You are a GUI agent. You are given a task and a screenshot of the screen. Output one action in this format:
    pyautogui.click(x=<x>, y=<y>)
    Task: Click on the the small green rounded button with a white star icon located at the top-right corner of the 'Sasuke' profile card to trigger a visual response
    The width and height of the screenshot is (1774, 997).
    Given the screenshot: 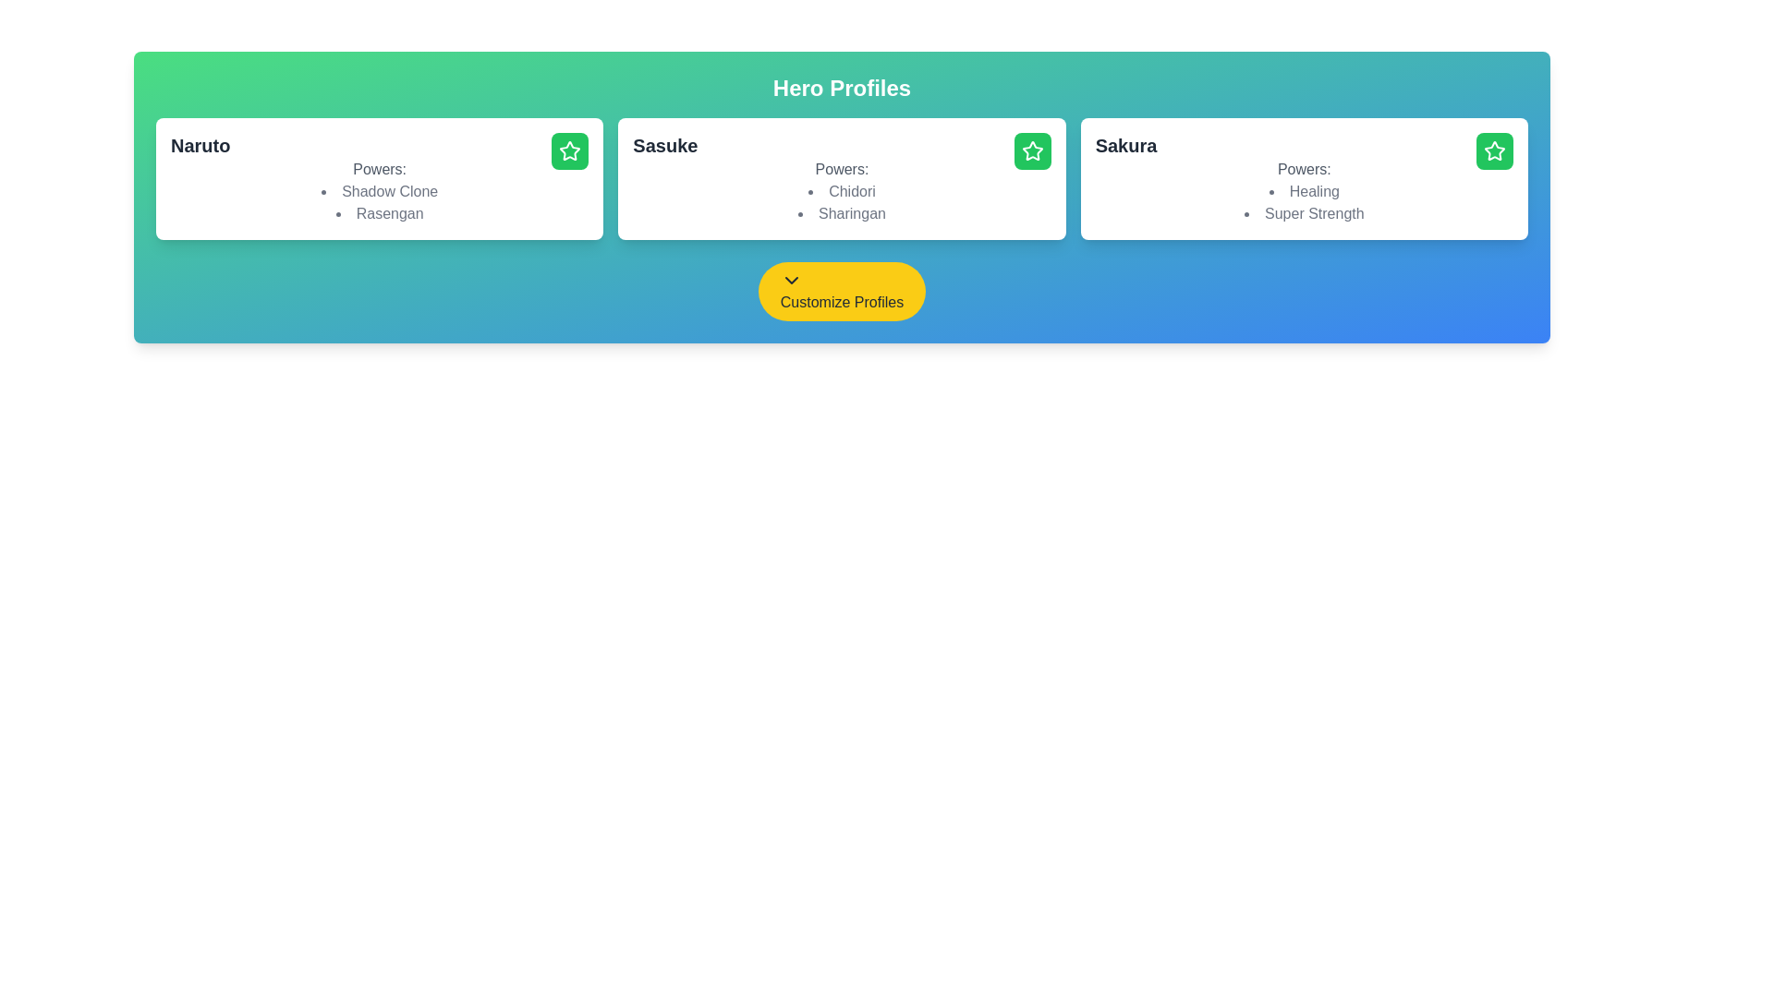 What is the action you would take?
    pyautogui.click(x=1031, y=150)
    